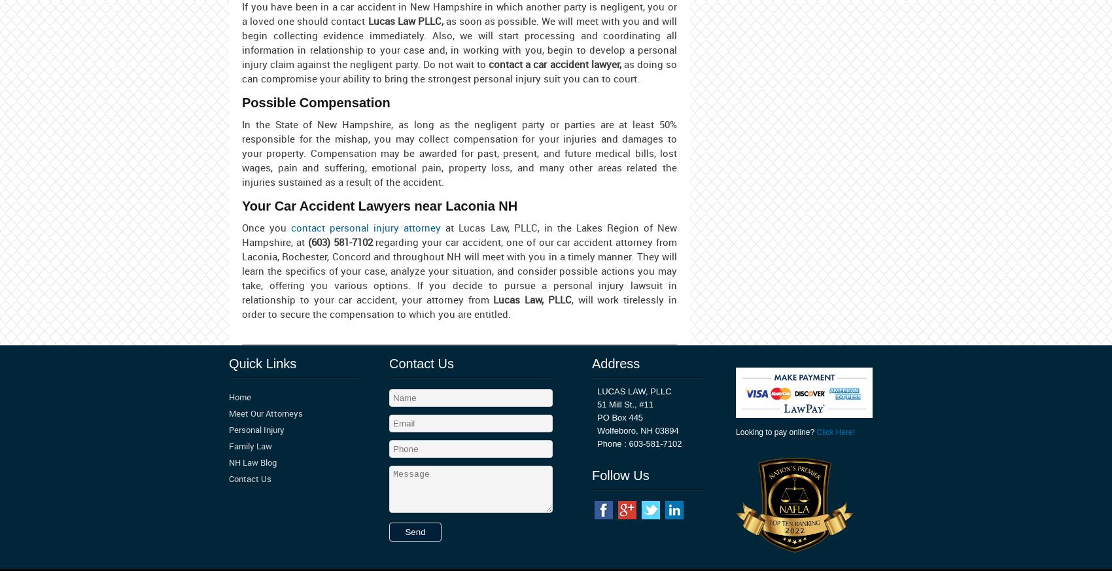 The height and width of the screenshot is (571, 1112). I want to click on 'If you have been in a car accident in New Hampshire in which another party is negligent, you or a loved one should contact', so click(241, 13).